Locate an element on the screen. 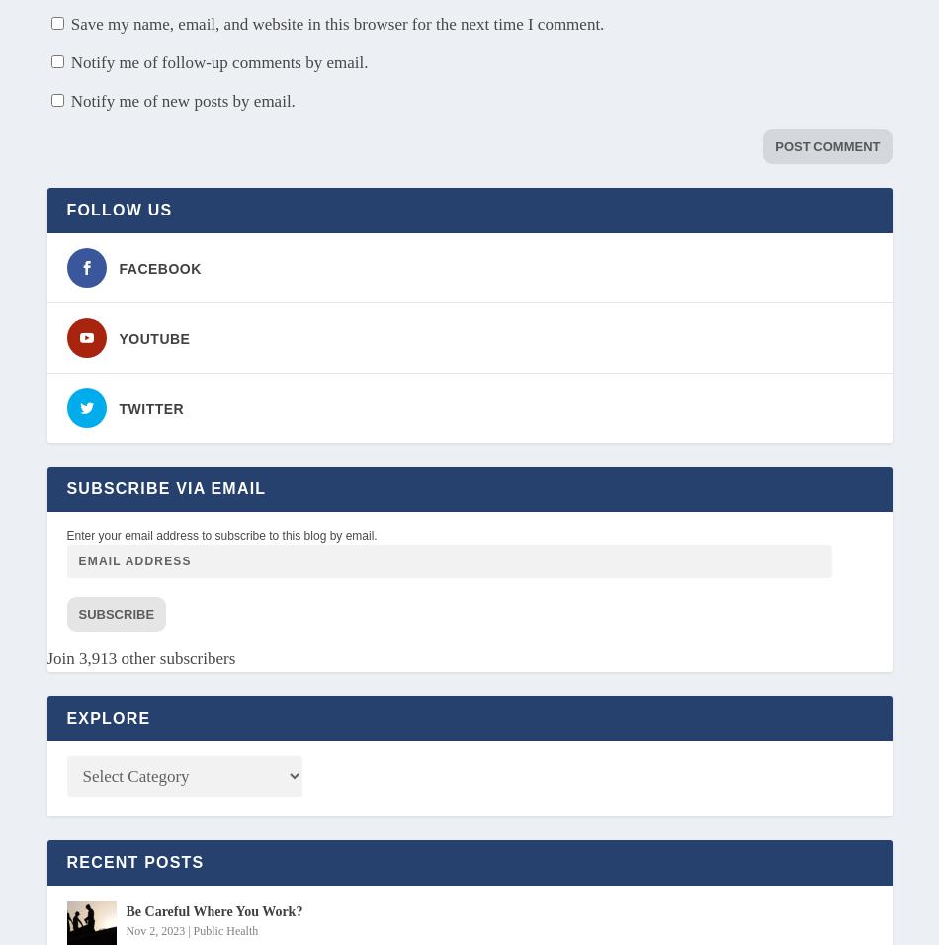 The height and width of the screenshot is (945, 939). 'Be Careful Where You Work?' is located at coordinates (213, 910).